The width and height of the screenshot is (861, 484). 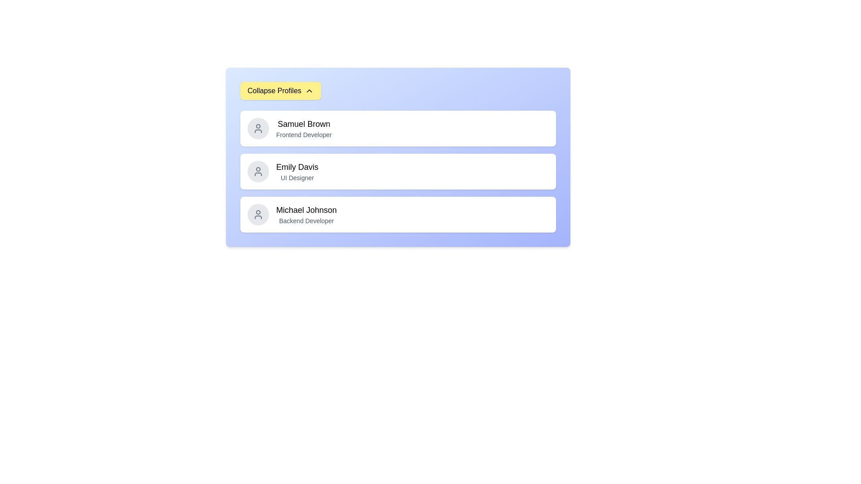 What do you see at coordinates (304, 134) in the screenshot?
I see `the Text label that designates the professional title 'Frontend Developer' associated with the profile of 'Samuel Brown'` at bounding box center [304, 134].